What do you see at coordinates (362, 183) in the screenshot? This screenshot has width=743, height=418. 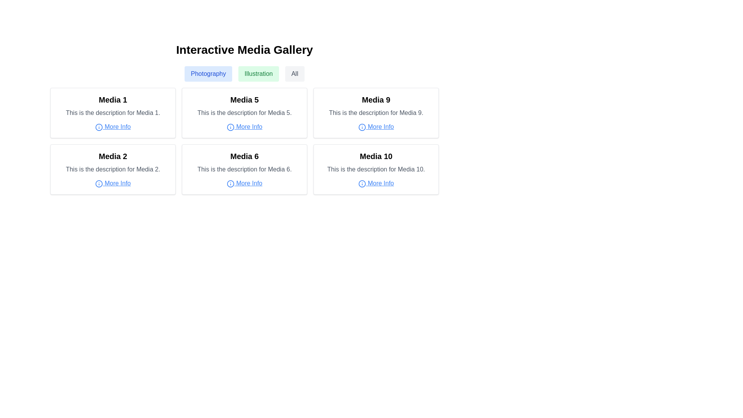 I see `the appearance of the blue circular icon located to the left of the 'More Info' text in the 'Media 10' card at the bottom-right corner of the media grid` at bounding box center [362, 183].